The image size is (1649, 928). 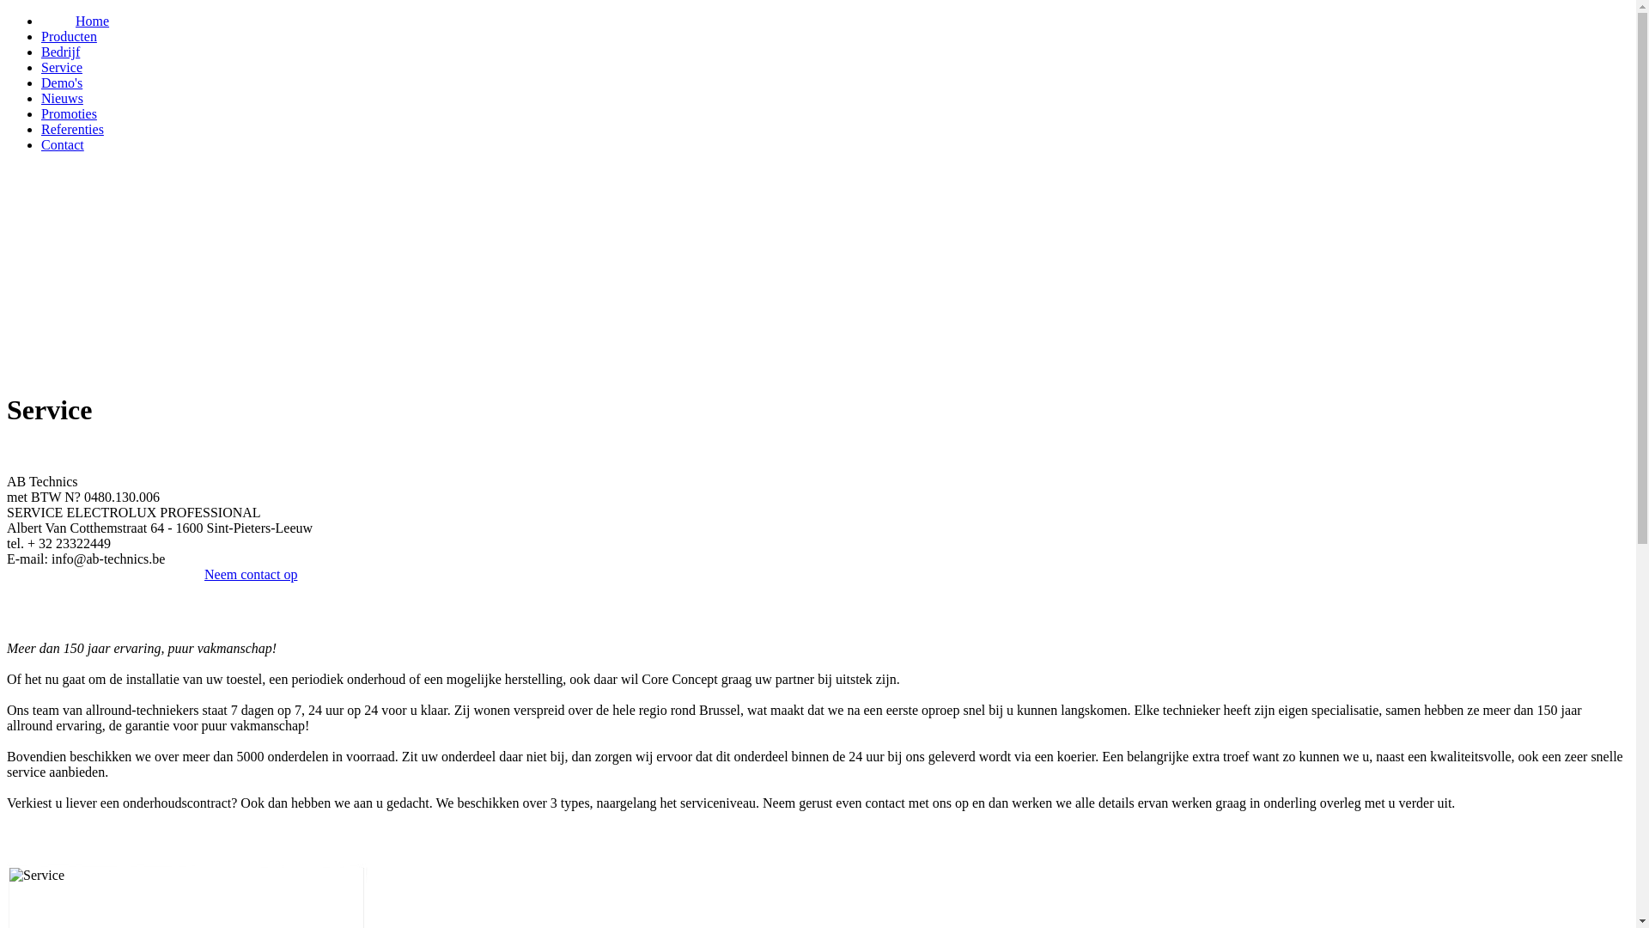 I want to click on 'Producten', so click(x=69, y=36).